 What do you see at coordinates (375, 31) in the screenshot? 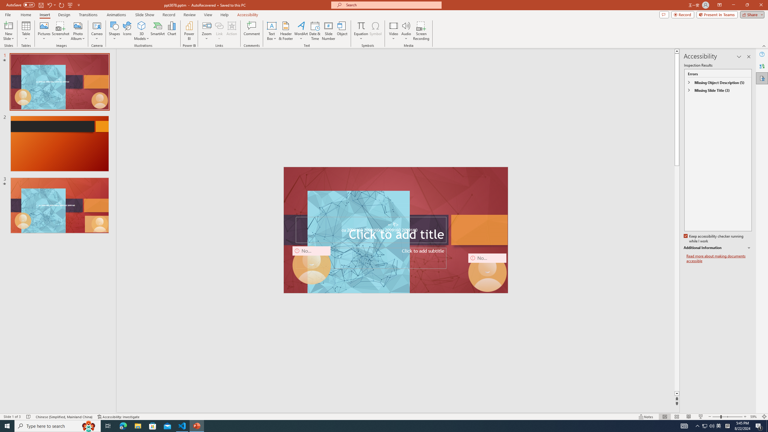
I see `'Symbol...'` at bounding box center [375, 31].